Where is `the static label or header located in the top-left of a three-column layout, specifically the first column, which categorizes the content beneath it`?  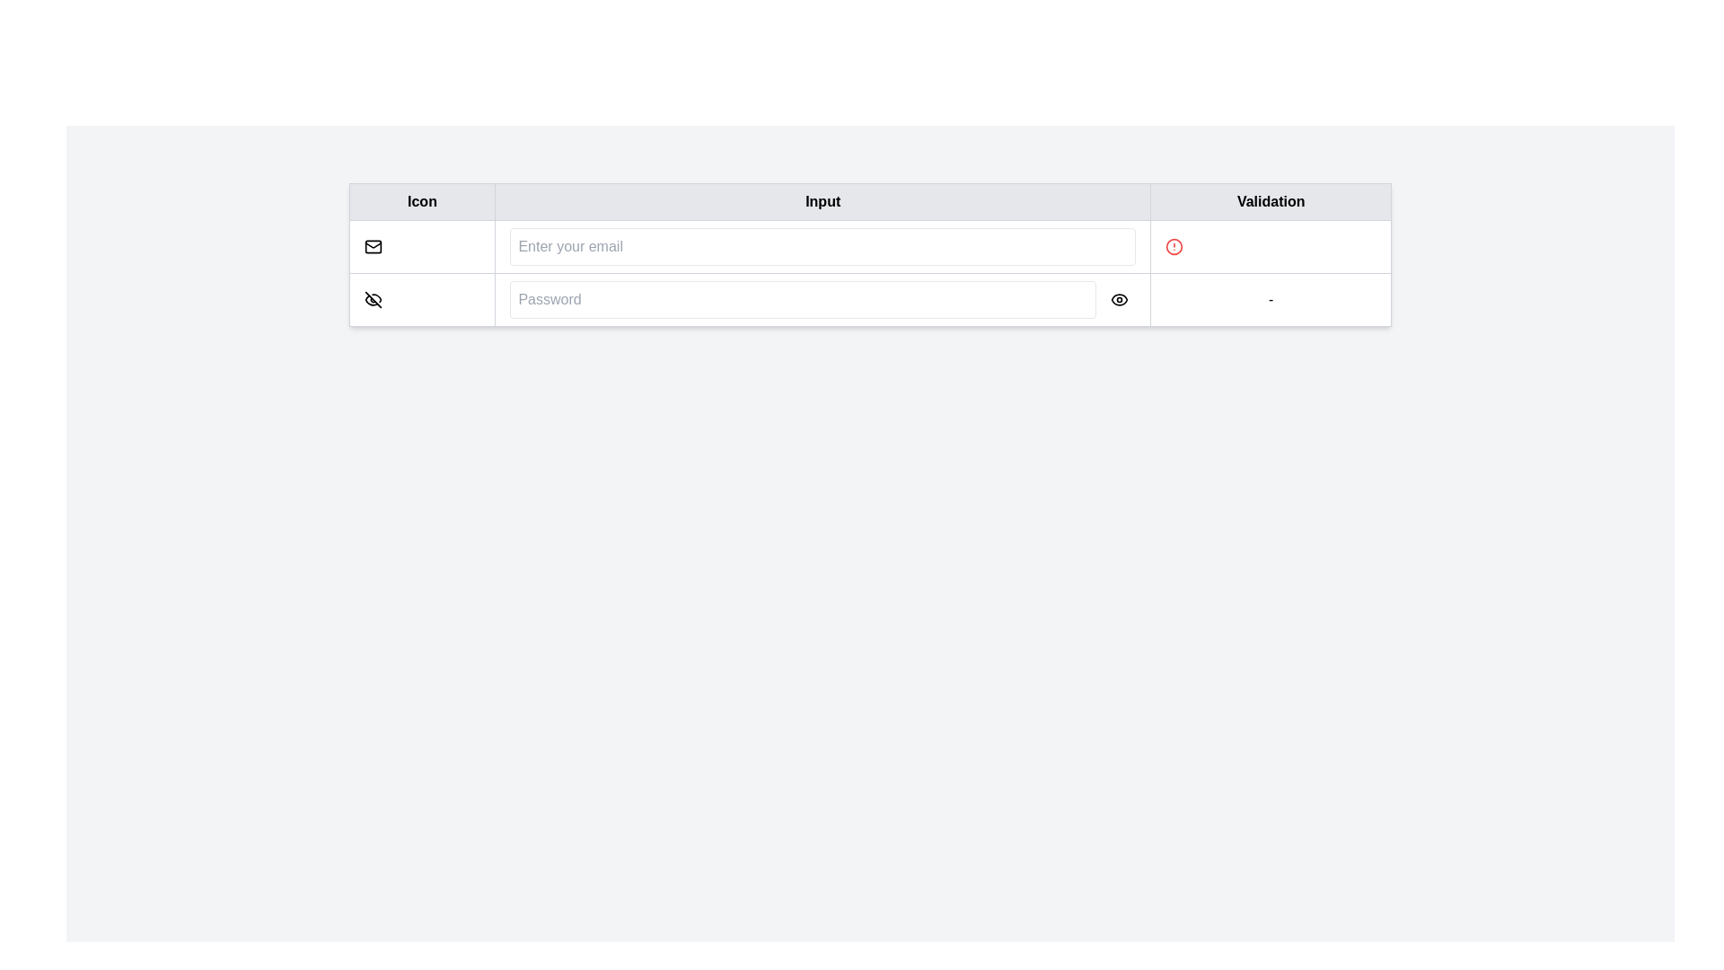 the static label or header located in the top-left of a three-column layout, specifically the first column, which categorizes the content beneath it is located at coordinates (421, 201).